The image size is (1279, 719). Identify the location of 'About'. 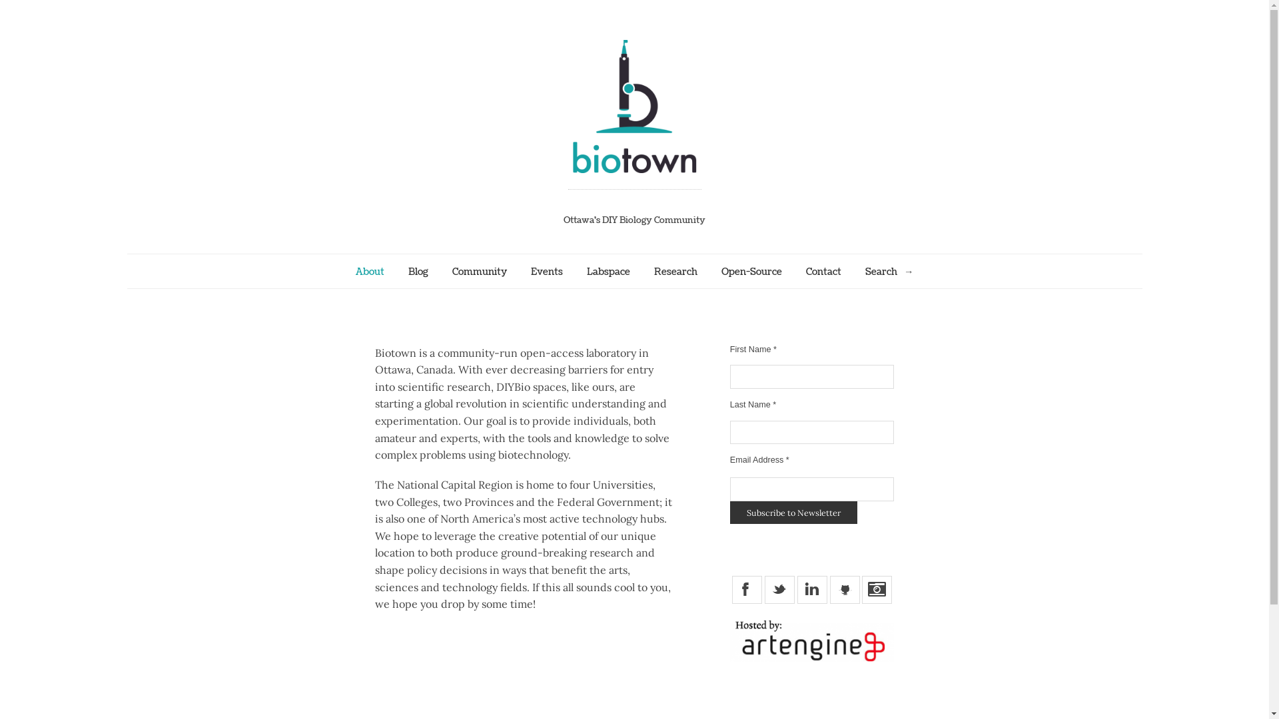
(370, 271).